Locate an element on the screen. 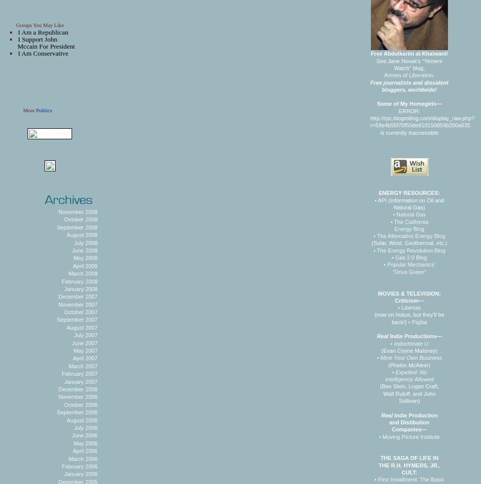 This screenshot has height=484, width=481. 'Politics' is located at coordinates (43, 110).